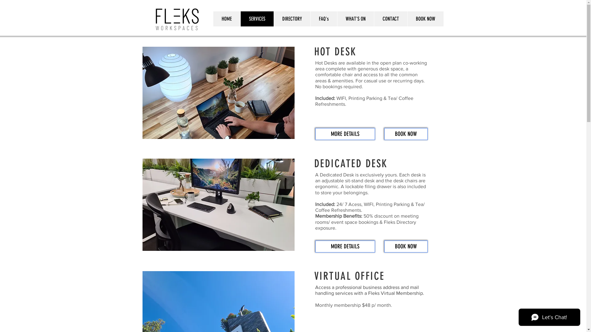 The height and width of the screenshot is (332, 591). Describe the element at coordinates (373, 18) in the screenshot. I see `'CONTACT'` at that location.